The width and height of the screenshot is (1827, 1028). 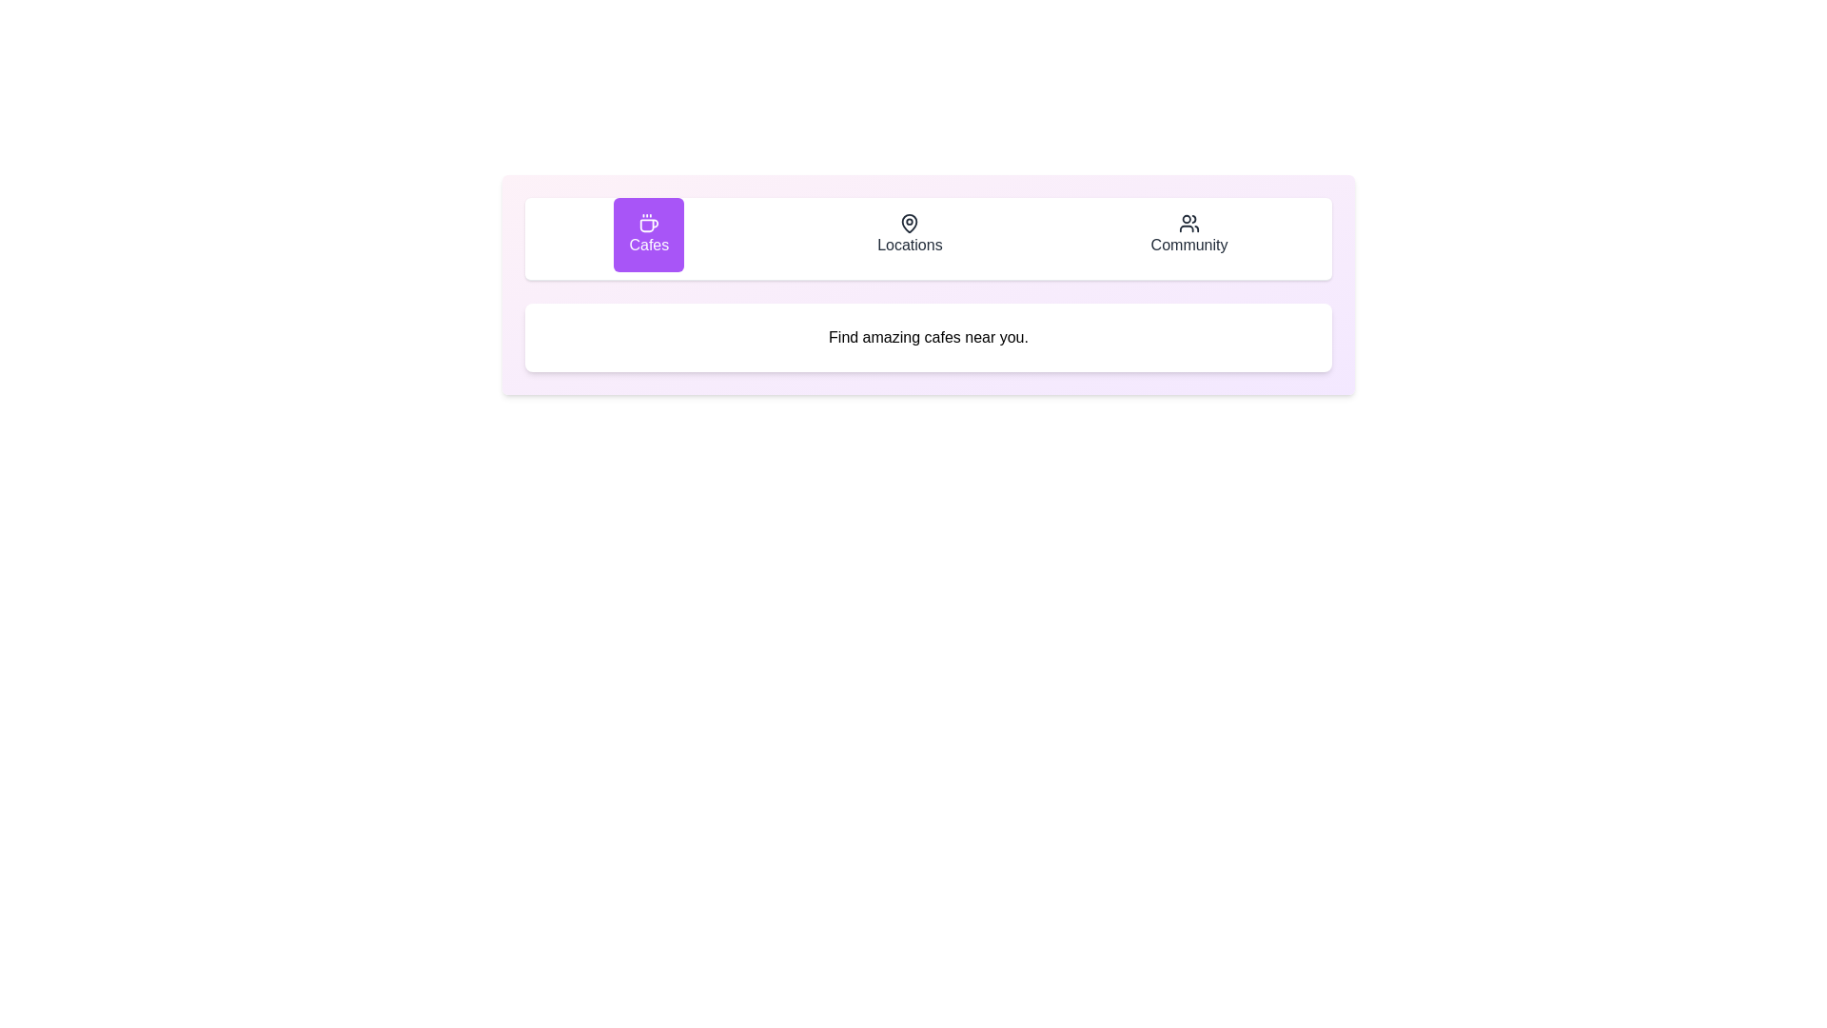 I want to click on the text label that indicates 'Locations', which is part of a group of three interactive icons and labels located at the top section of the view, so click(x=909, y=245).